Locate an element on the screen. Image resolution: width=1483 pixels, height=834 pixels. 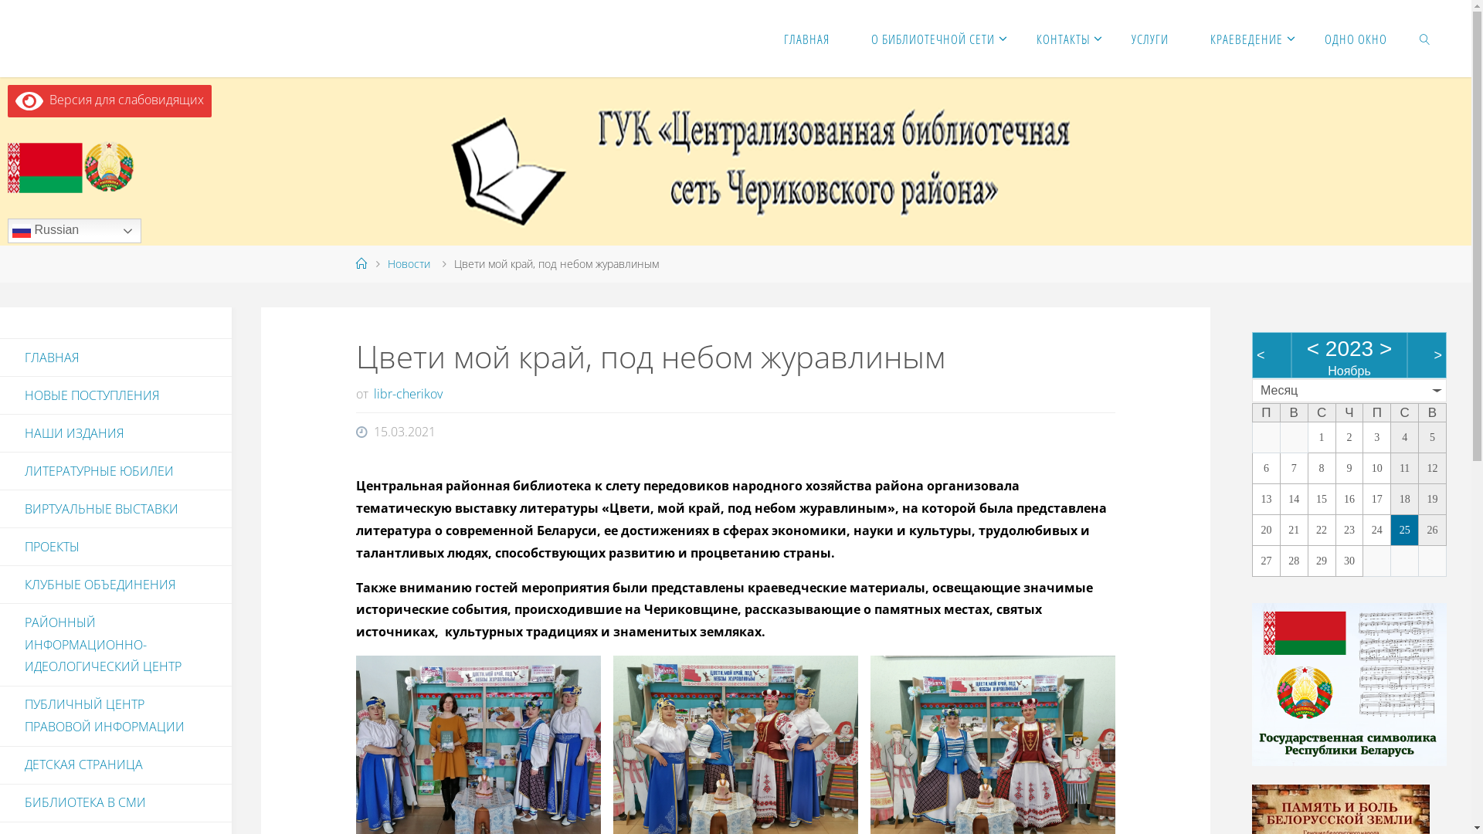
'libr-cherikov' is located at coordinates (371, 392).